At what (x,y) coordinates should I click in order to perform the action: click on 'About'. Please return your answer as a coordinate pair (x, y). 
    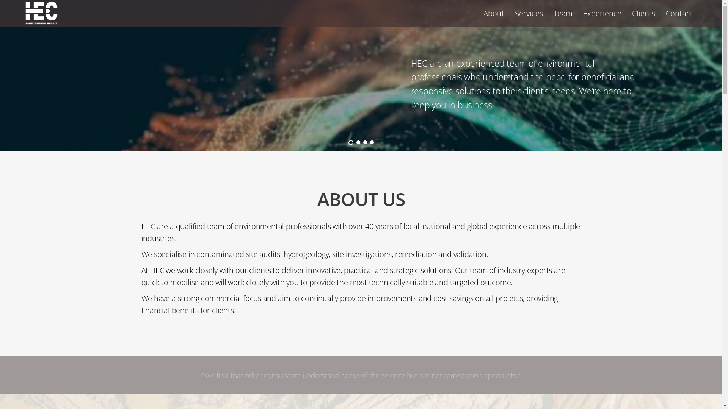
    Looking at the image, I should click on (478, 13).